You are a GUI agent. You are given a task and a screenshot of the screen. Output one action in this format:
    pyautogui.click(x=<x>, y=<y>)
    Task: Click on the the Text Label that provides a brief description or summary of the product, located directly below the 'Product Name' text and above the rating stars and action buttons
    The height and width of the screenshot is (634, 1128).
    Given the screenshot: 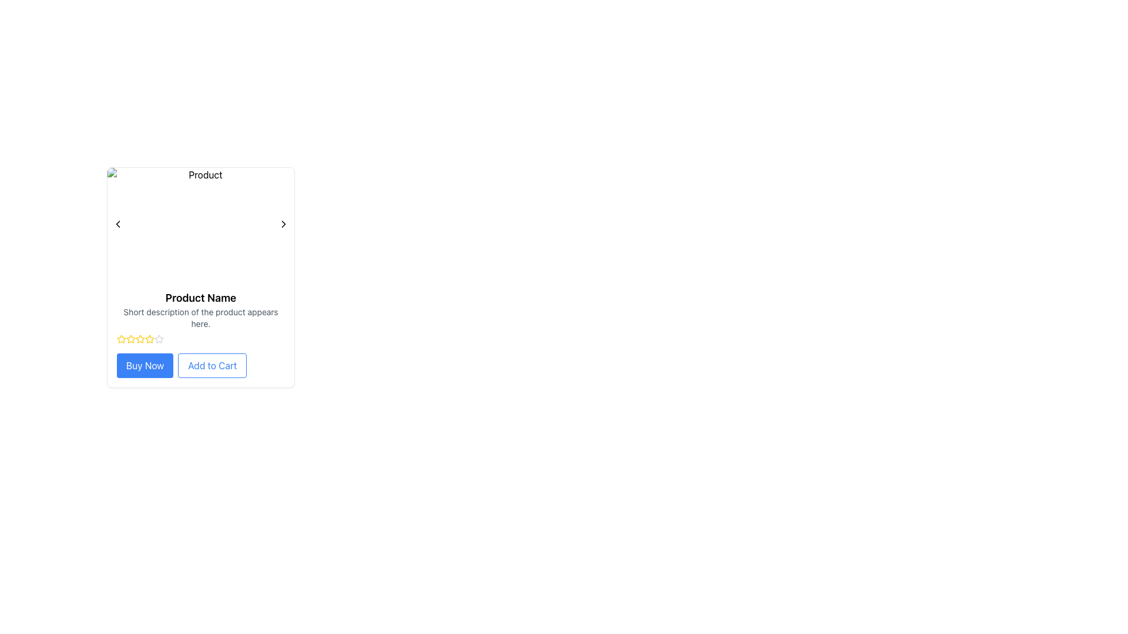 What is the action you would take?
    pyautogui.click(x=200, y=318)
    